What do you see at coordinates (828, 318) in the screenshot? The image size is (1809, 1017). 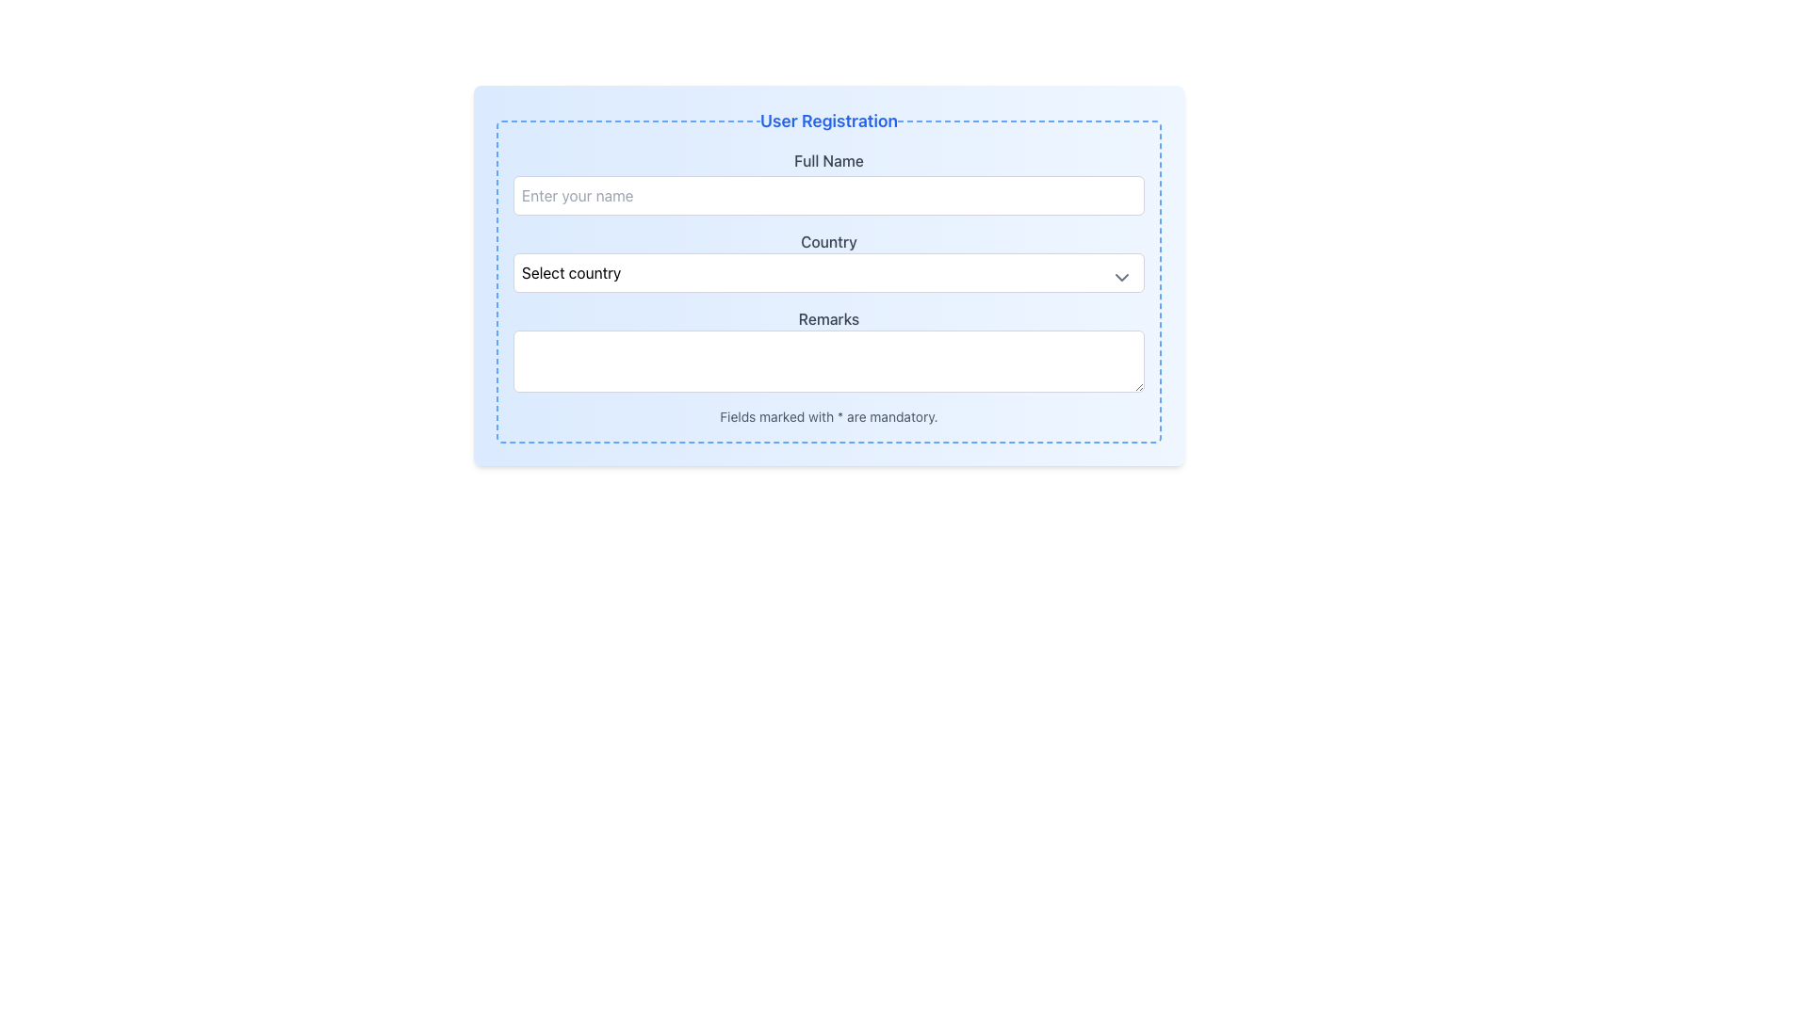 I see `the 'Remarks' label text, which is styled with a medium font weight and gray color, positioned above the multiline input area in the user registration form` at bounding box center [828, 318].